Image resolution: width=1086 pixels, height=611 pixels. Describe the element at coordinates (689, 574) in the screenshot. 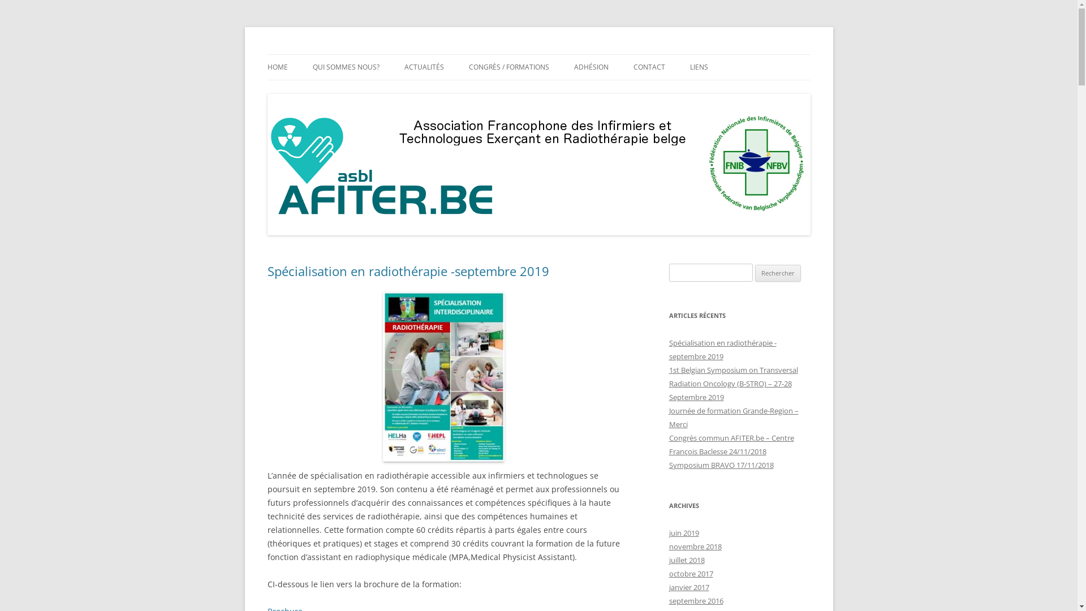

I see `'octobre 2017'` at that location.